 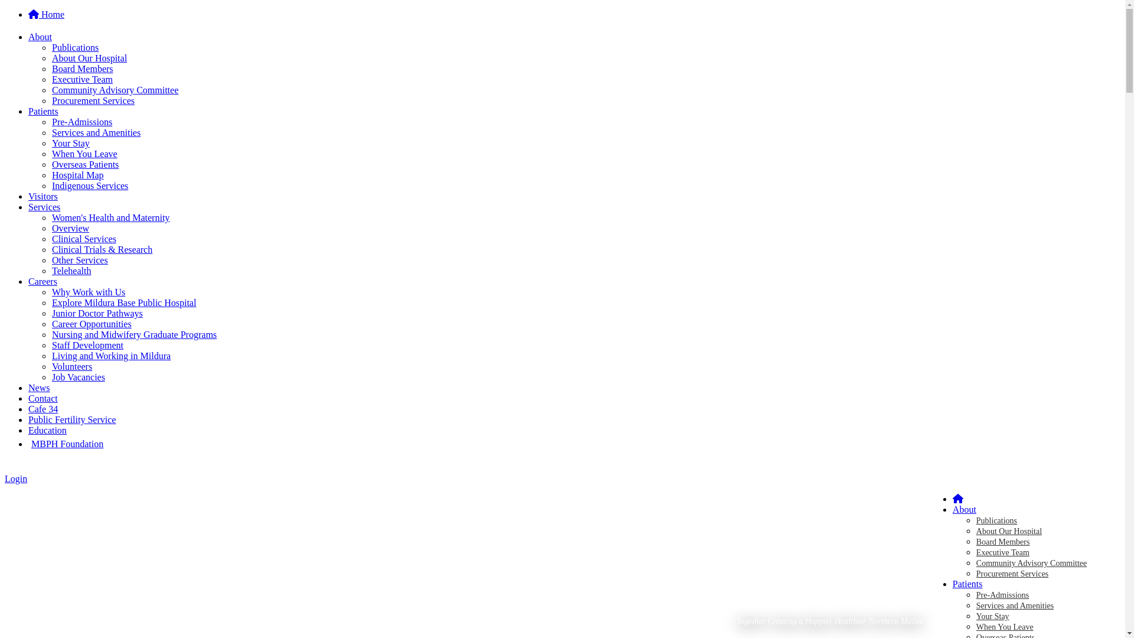 What do you see at coordinates (43, 408) in the screenshot?
I see `'Cafe 34'` at bounding box center [43, 408].